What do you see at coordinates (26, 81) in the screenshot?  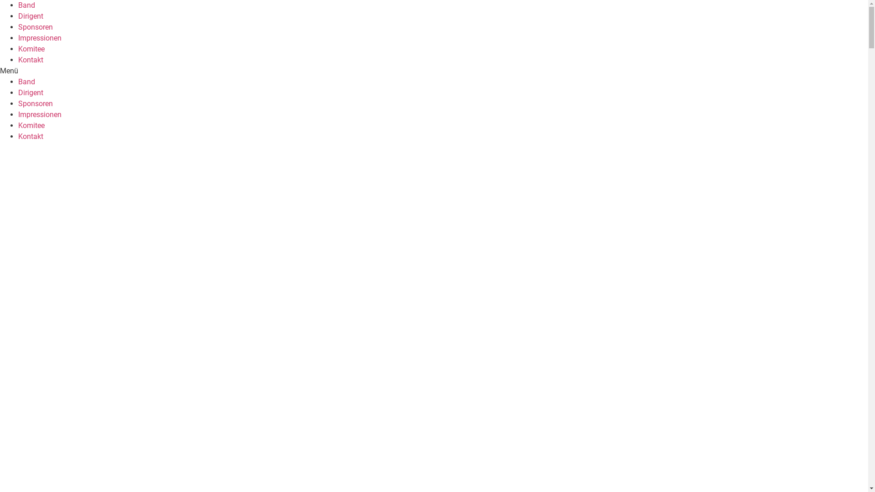 I see `'Band'` at bounding box center [26, 81].